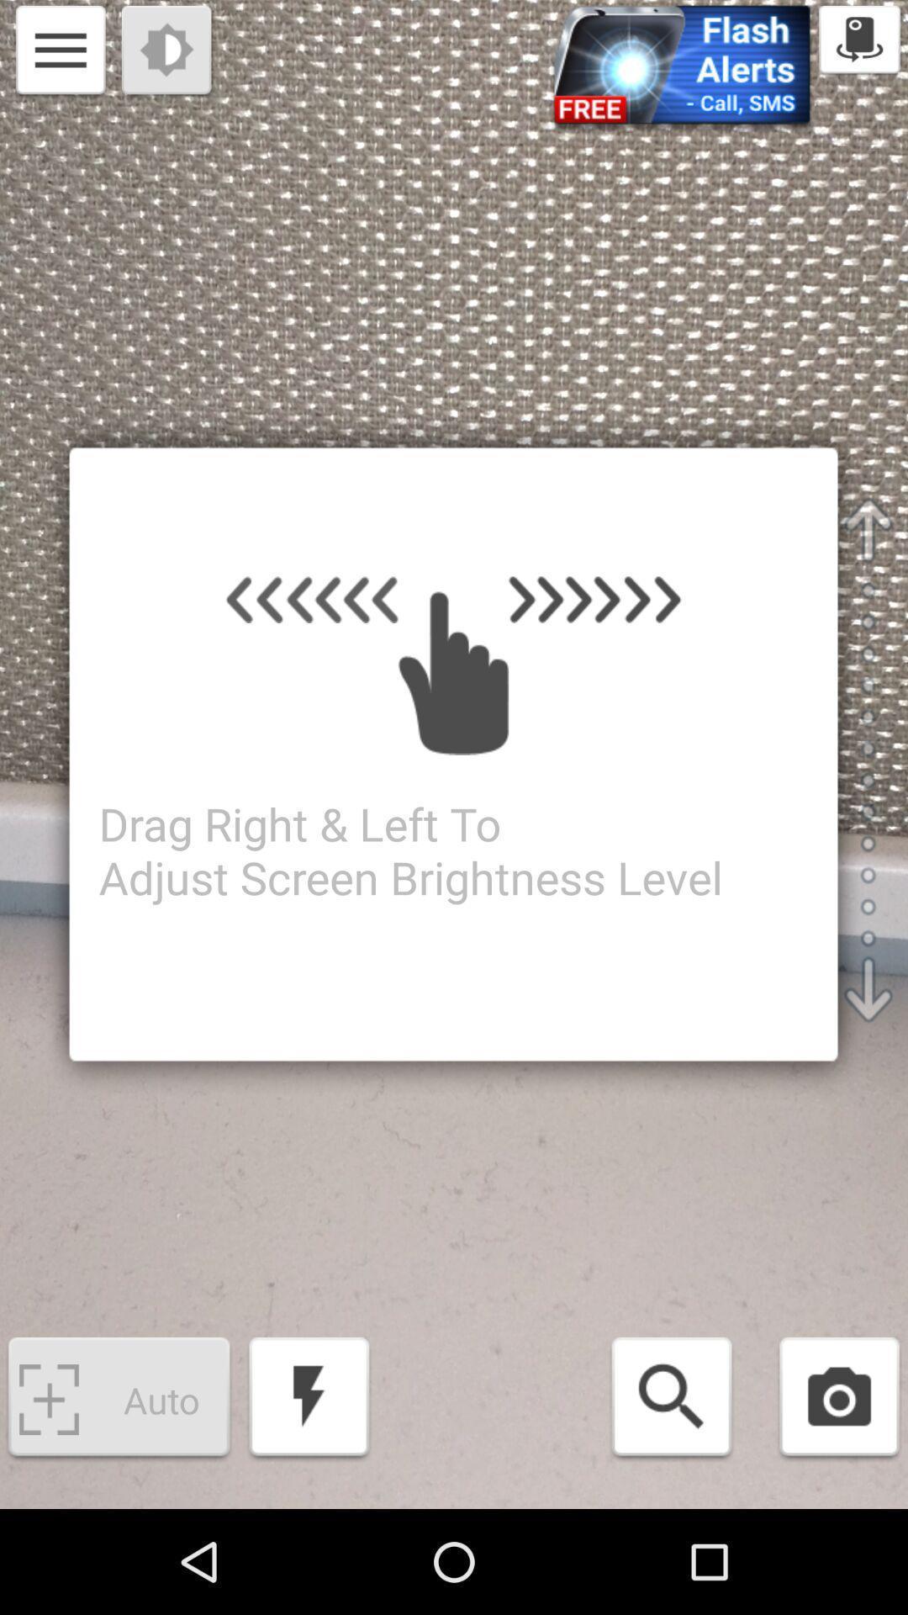 Image resolution: width=908 pixels, height=1615 pixels. I want to click on the button at the bottom, so click(309, 1400).